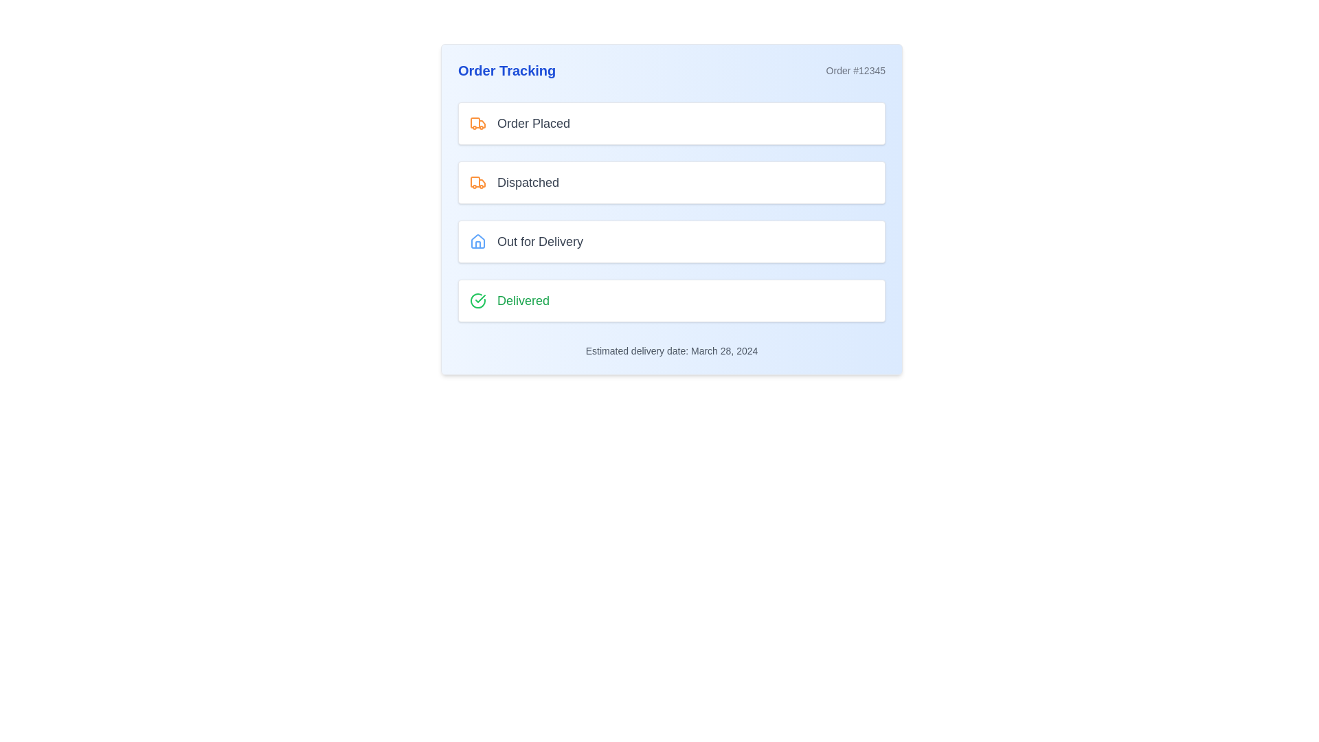  I want to click on the circular icon with a green outline that represents the 'Delivered' status in the order status steps, so click(478, 300).